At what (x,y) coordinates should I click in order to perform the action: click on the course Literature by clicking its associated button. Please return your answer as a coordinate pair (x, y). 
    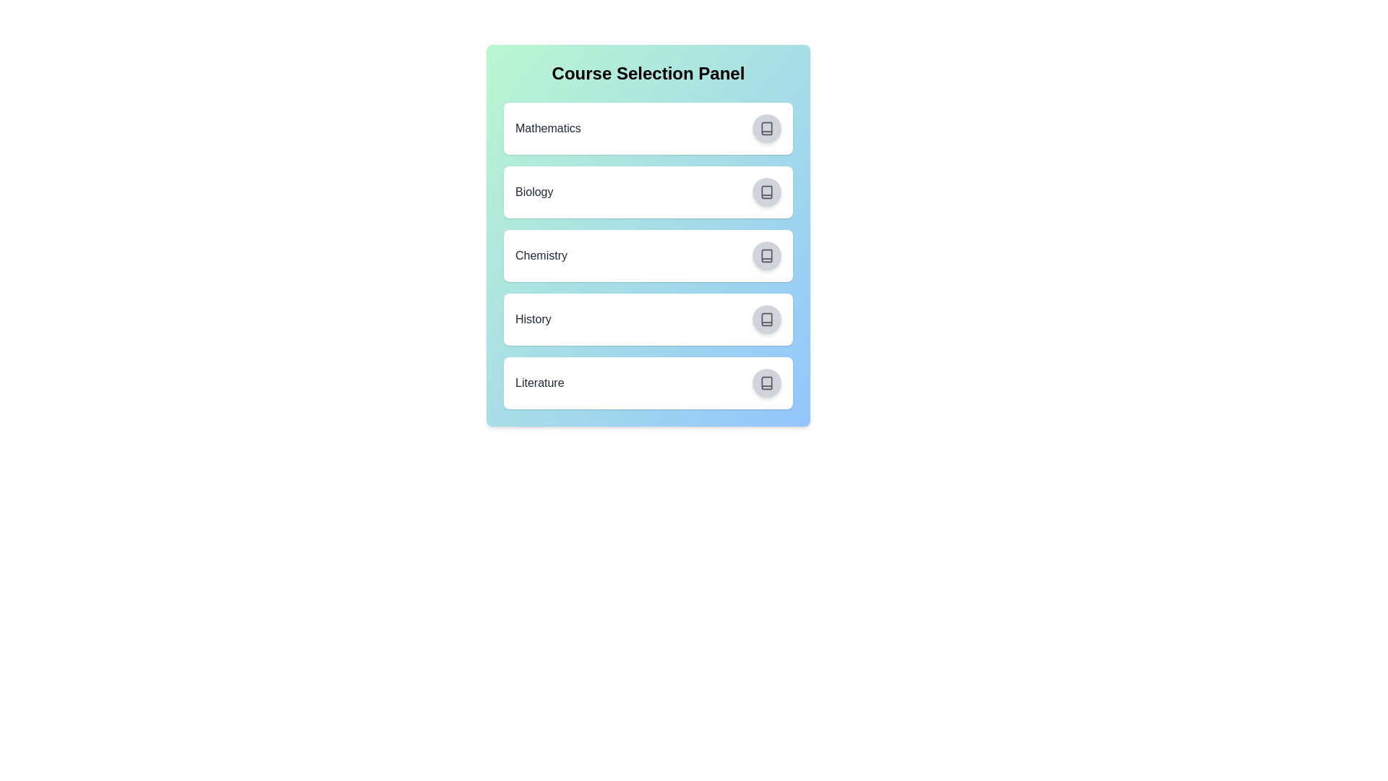
    Looking at the image, I should click on (766, 382).